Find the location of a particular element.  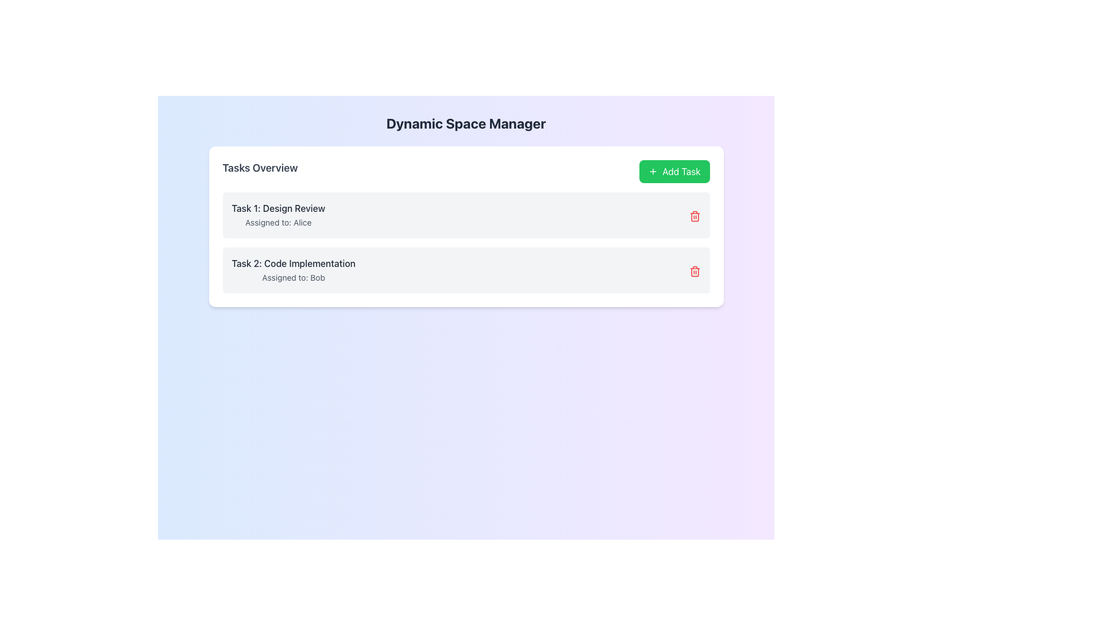

to select the task entry in the task management interface, which is the first item in the stack under the 'Tasks Overview' section is located at coordinates (466, 215).